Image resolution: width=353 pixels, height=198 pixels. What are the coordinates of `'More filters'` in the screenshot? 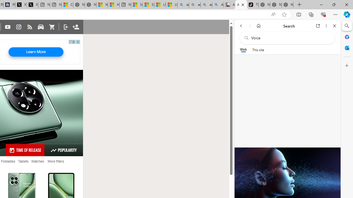 It's located at (56, 161).